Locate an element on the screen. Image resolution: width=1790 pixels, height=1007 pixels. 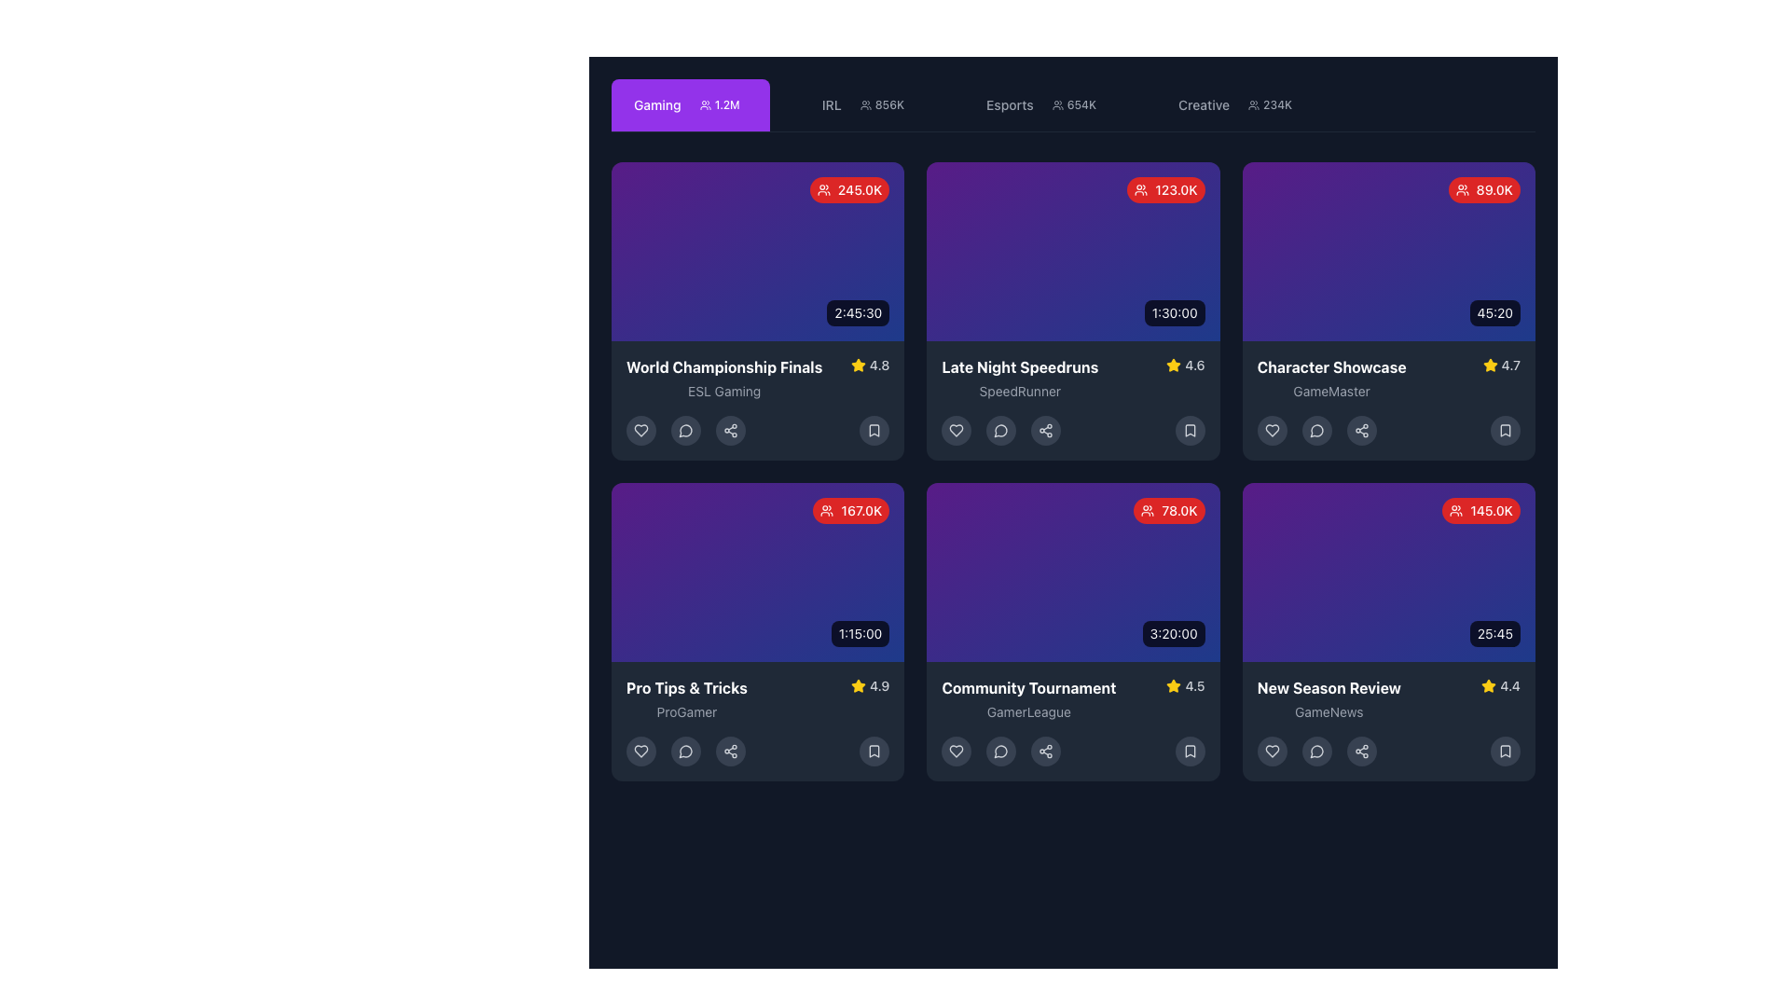
the label displaying '3:20:00' in white bold font on a black semi-transparent background is located at coordinates (1173, 632).